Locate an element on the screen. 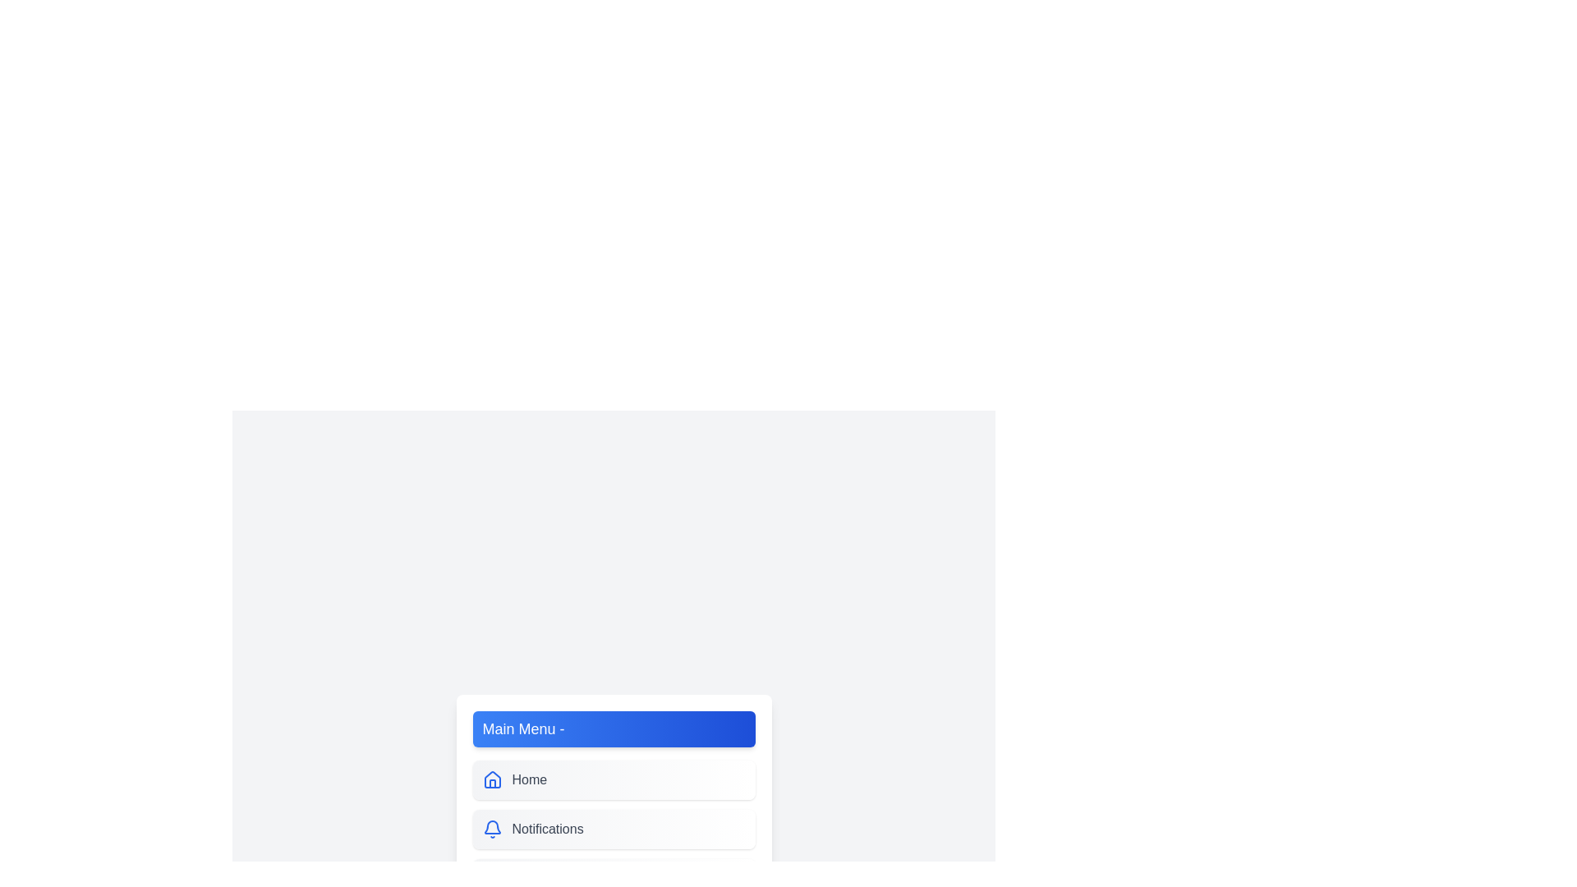 The image size is (1577, 887). the menu item labeled Notifications is located at coordinates (613, 830).